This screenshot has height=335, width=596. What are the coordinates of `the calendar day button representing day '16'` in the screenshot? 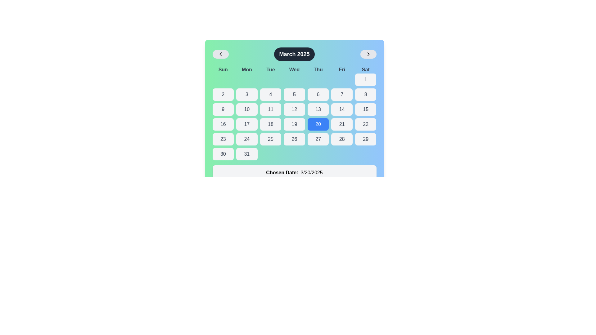 It's located at (223, 124).